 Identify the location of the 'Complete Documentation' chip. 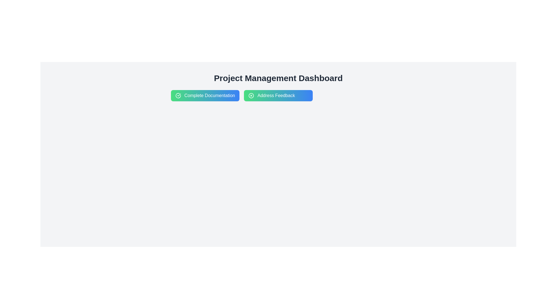
(204, 95).